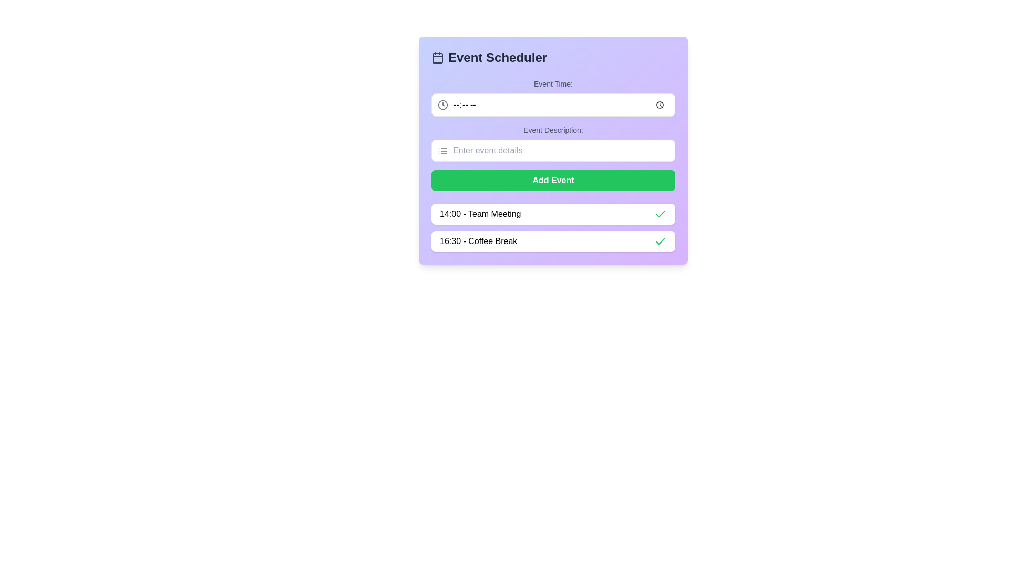 The height and width of the screenshot is (567, 1009). Describe the element at coordinates (552, 180) in the screenshot. I see `the 'Add Event' button` at that location.